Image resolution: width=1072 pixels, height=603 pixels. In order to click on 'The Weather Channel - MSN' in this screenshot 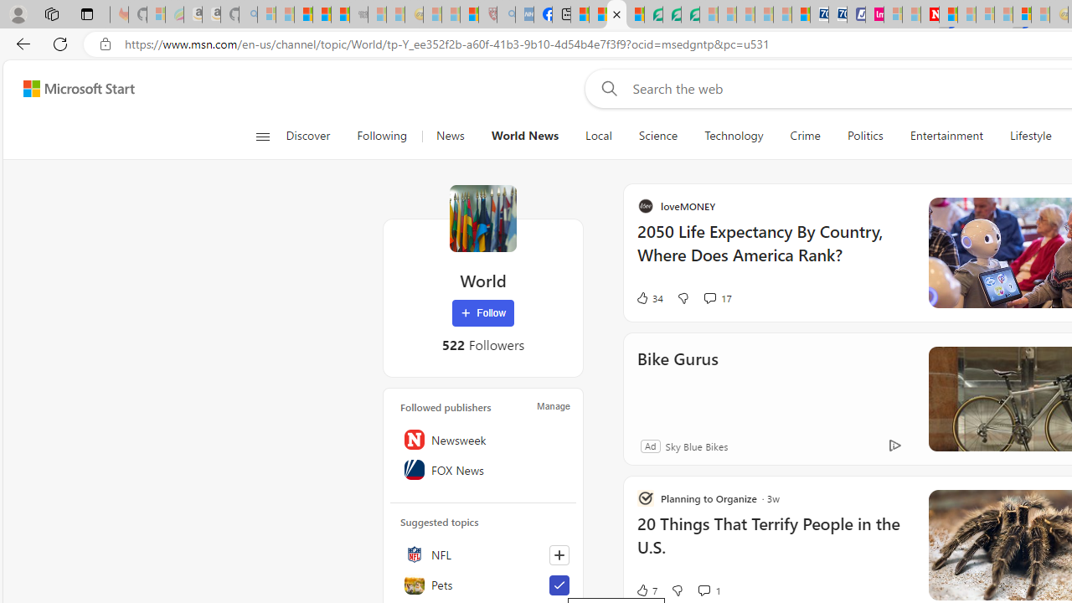, I will do `click(303, 14)`.